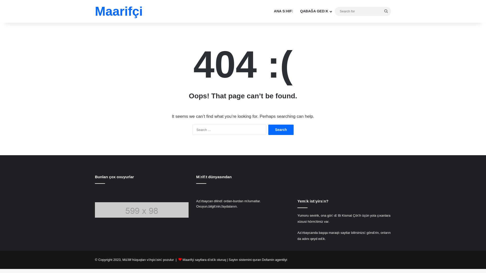  What do you see at coordinates (274, 260) in the screenshot?
I see `'Dofamin agentliyi'` at bounding box center [274, 260].